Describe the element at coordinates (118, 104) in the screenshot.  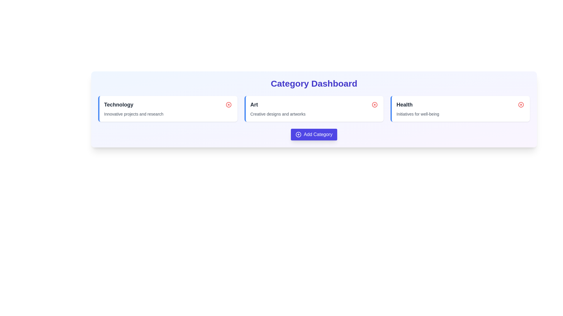
I see `the text label displaying the word 'Technology', which is the primary heading of the first card in the top-left section of a row of cards` at that location.